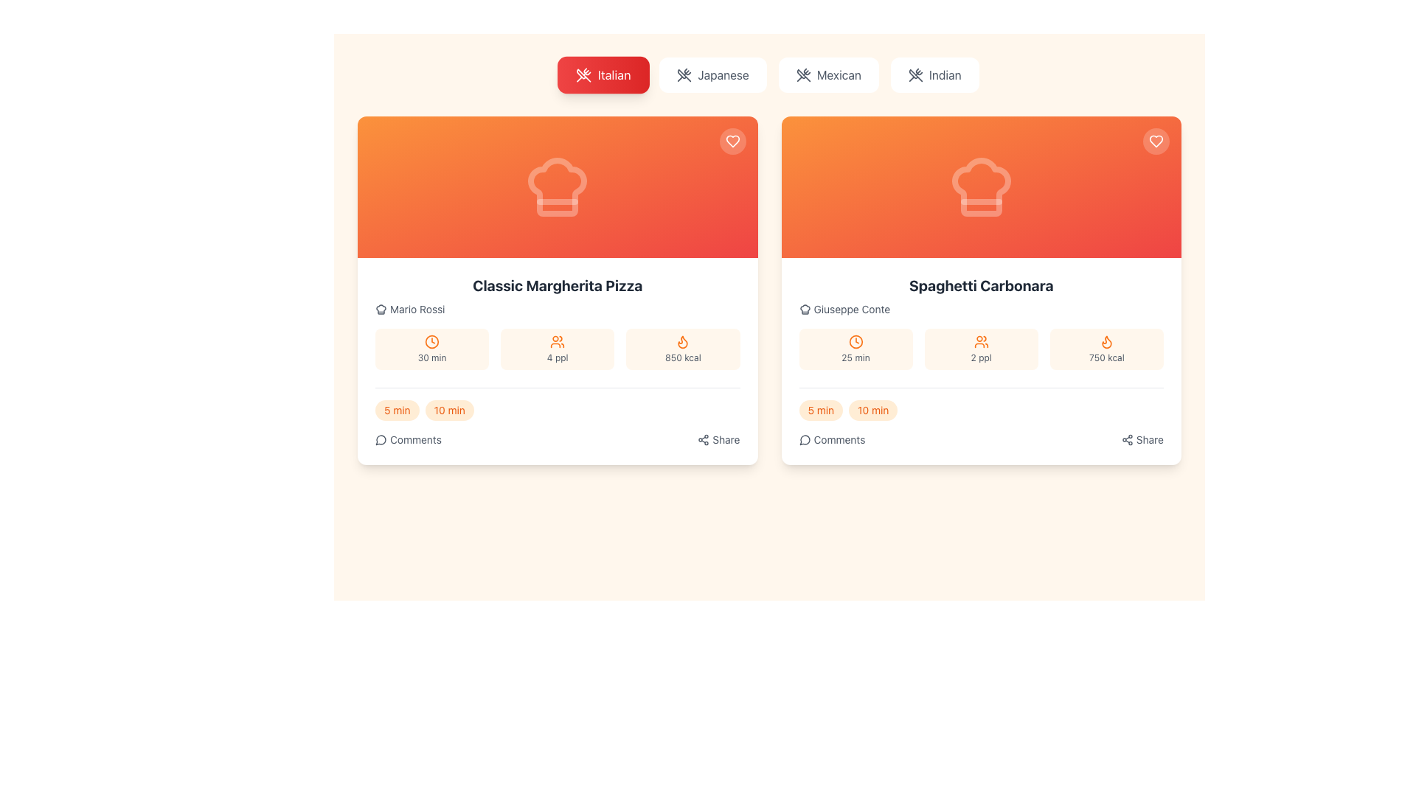  What do you see at coordinates (408, 439) in the screenshot?
I see `the 'Comments' button located at the bottom-left corner of the 'Classic Margherita Pizza' card` at bounding box center [408, 439].